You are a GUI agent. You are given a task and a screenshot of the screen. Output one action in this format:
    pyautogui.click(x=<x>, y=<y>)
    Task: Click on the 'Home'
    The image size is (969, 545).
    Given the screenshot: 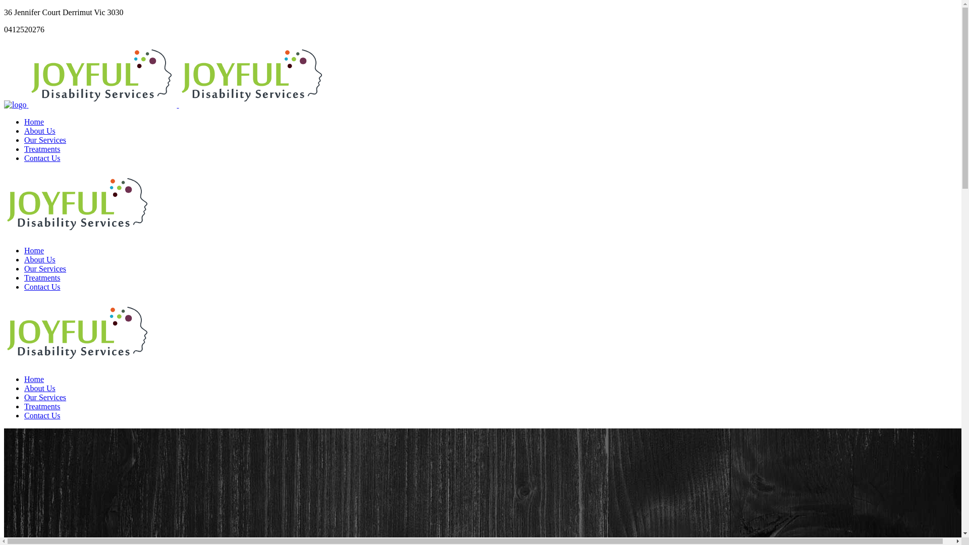 What is the action you would take?
    pyautogui.click(x=34, y=250)
    